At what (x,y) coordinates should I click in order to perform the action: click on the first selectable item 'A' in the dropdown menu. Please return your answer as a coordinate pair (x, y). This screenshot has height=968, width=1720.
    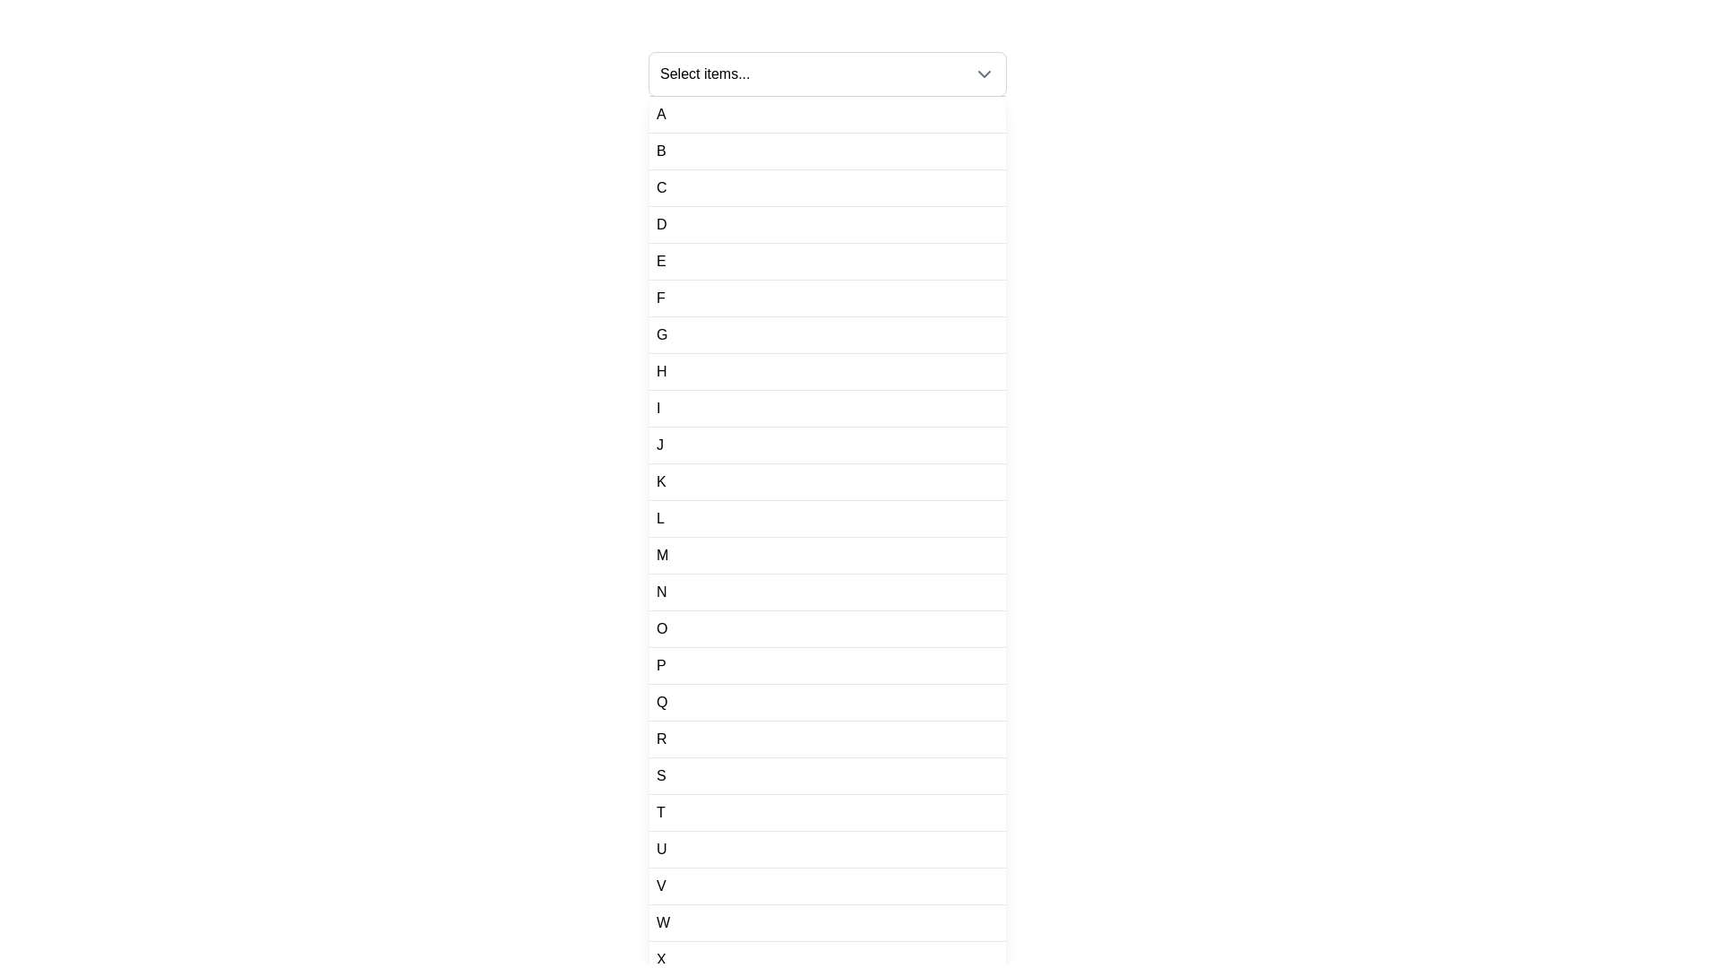
    Looking at the image, I should click on (660, 114).